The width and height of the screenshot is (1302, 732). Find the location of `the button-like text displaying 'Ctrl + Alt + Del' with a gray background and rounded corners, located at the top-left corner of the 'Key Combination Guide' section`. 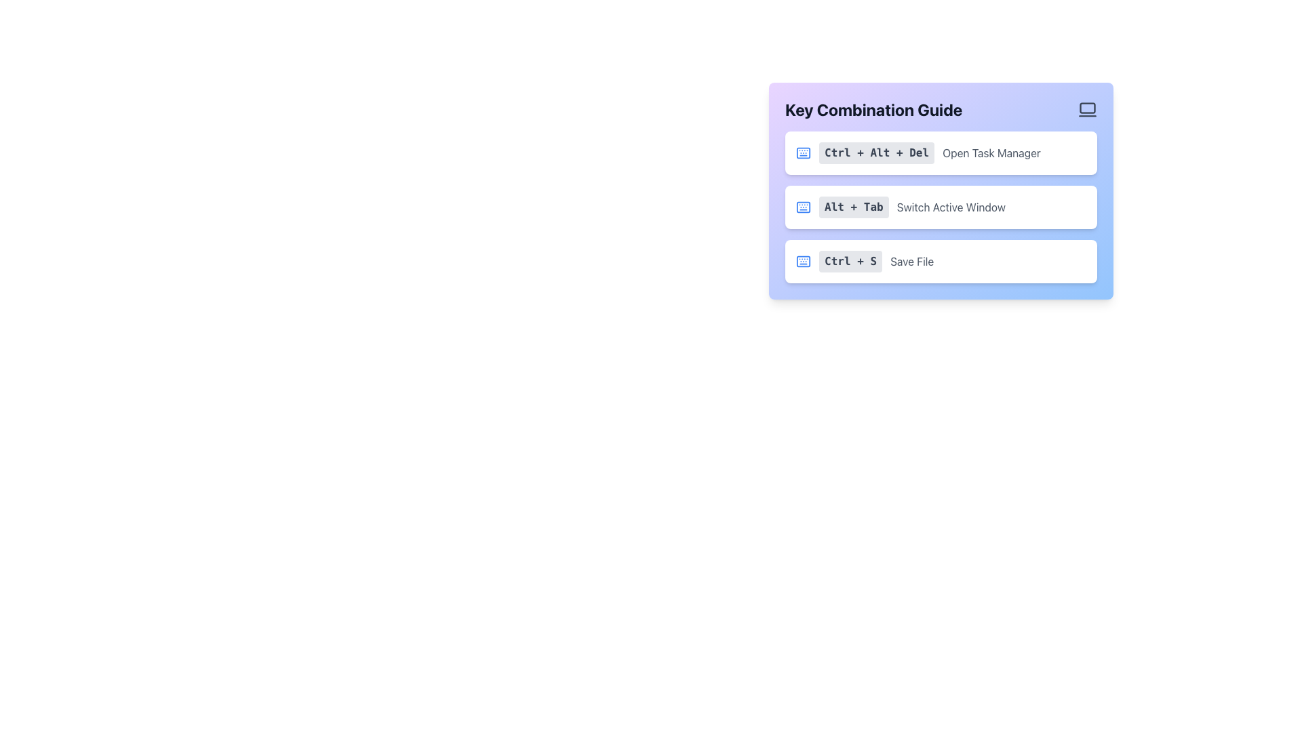

the button-like text displaying 'Ctrl + Alt + Del' with a gray background and rounded corners, located at the top-left corner of the 'Key Combination Guide' section is located at coordinates (877, 152).